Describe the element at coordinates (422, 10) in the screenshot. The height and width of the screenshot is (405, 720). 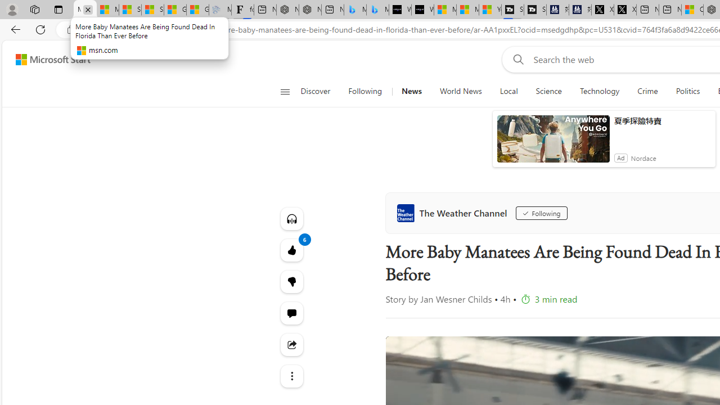
I see `'What'` at that location.